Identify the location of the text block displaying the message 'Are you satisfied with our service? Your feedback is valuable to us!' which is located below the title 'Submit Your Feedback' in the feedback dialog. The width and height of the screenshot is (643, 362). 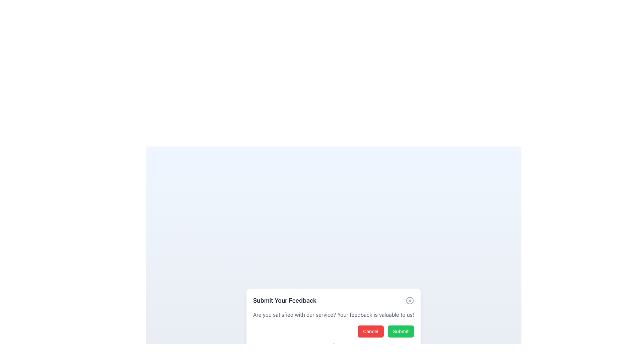
(334, 314).